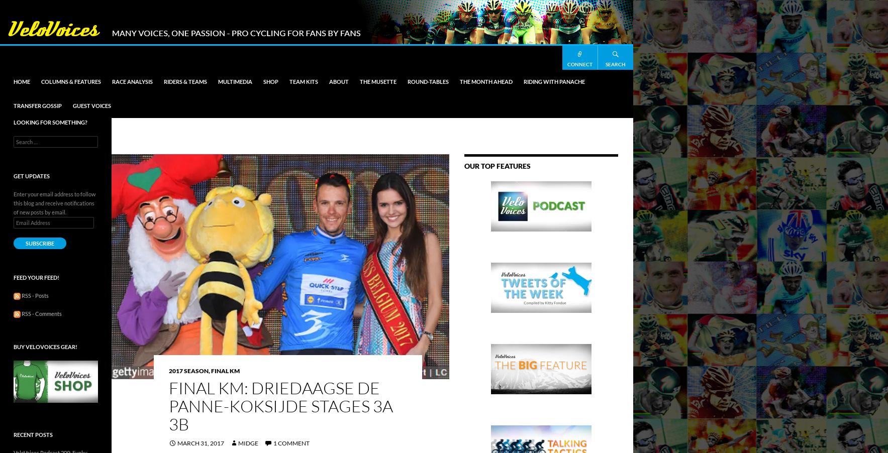 The image size is (888, 453). Describe the element at coordinates (580, 64) in the screenshot. I see `'Connect'` at that location.